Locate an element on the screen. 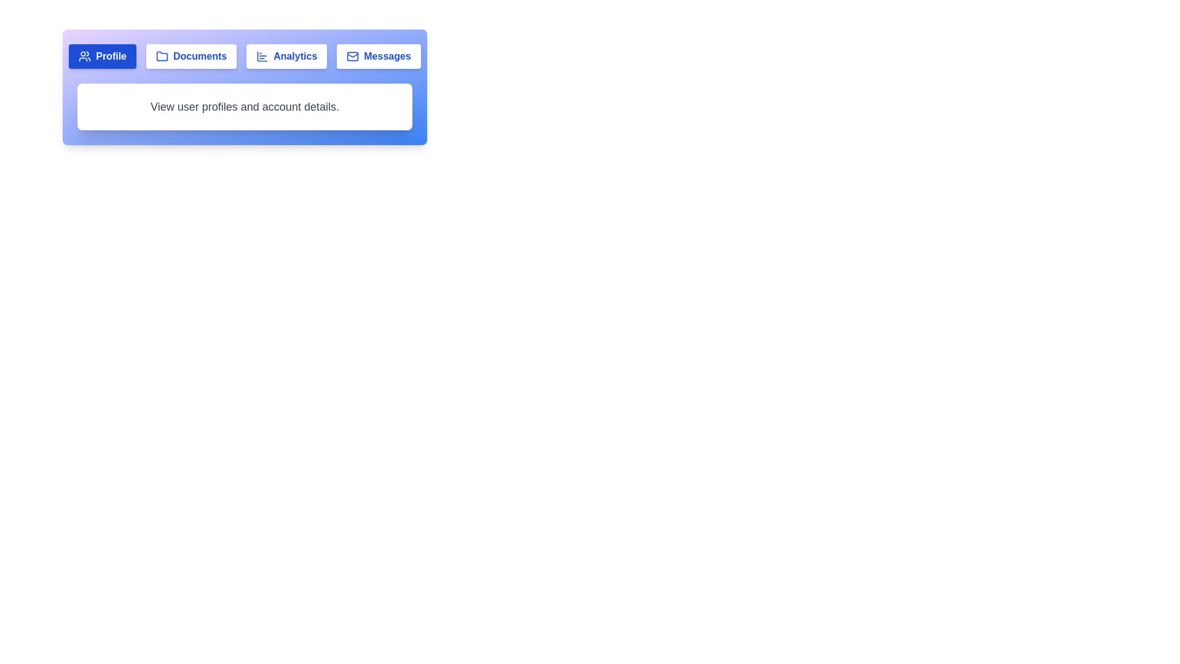  the Messages tab to view its content is located at coordinates (377, 57).